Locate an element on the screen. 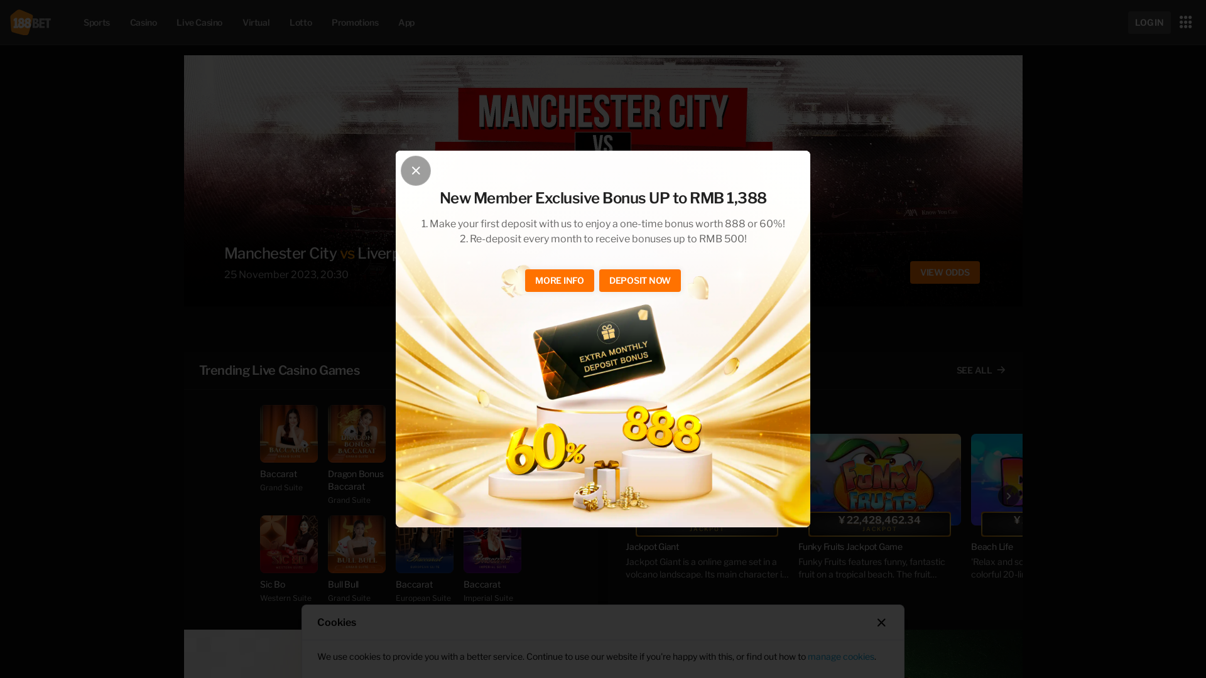 This screenshot has width=1206, height=678. 'App' is located at coordinates (388, 21).